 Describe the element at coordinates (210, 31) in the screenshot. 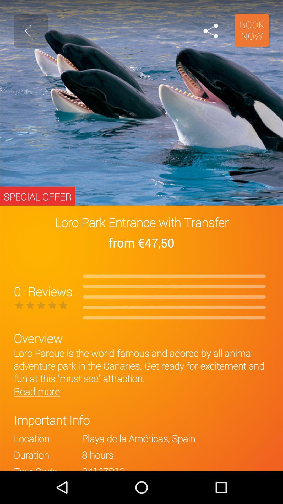

I see `icon next to book now icon` at that location.